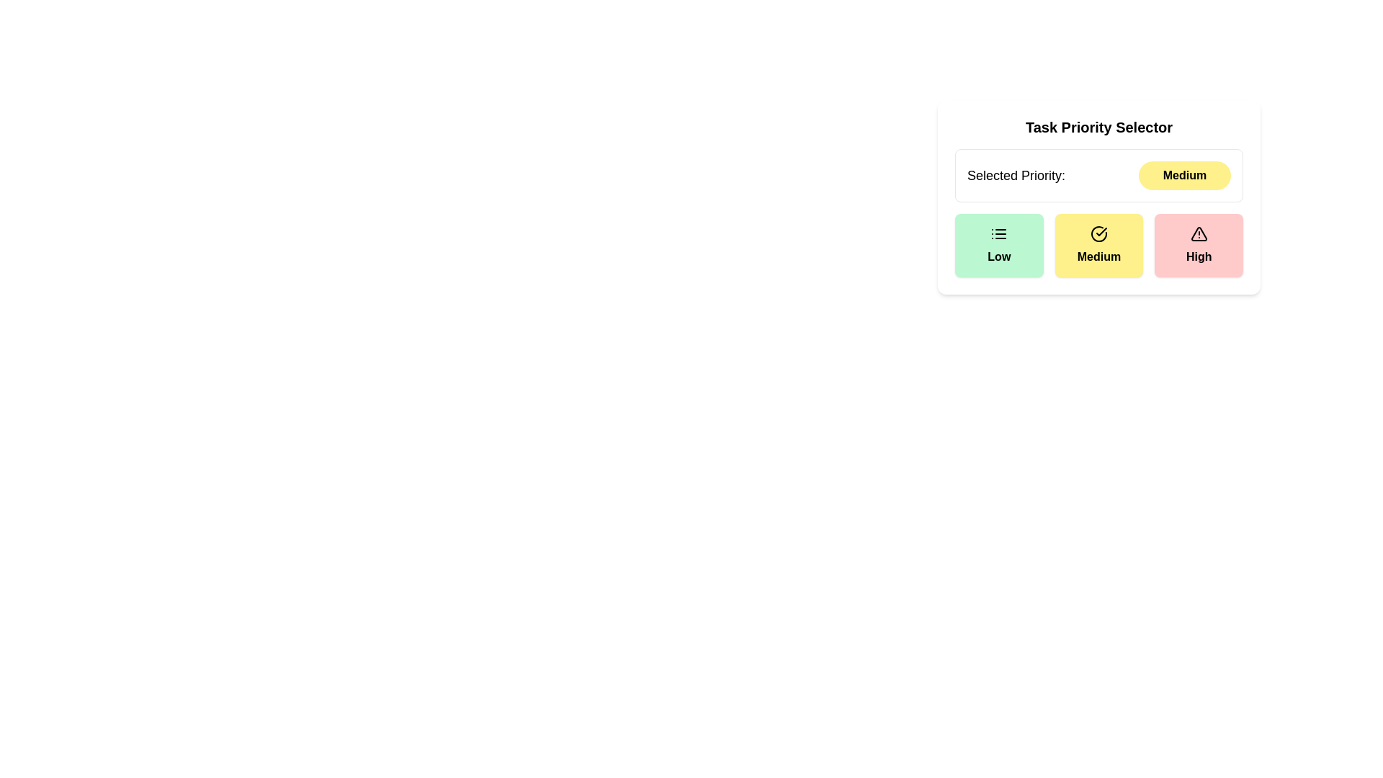 This screenshot has width=1383, height=778. What do you see at coordinates (1199, 244) in the screenshot?
I see `the priority level High by clicking on the corresponding button` at bounding box center [1199, 244].